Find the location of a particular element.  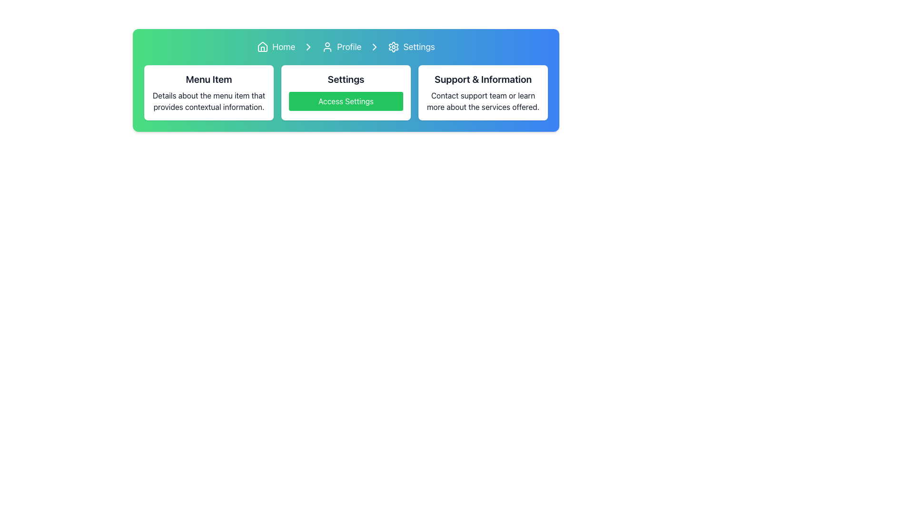

the button labeled 'Access Settings' on the middle card in the group of three cards under 'Settings' is located at coordinates (345, 93).